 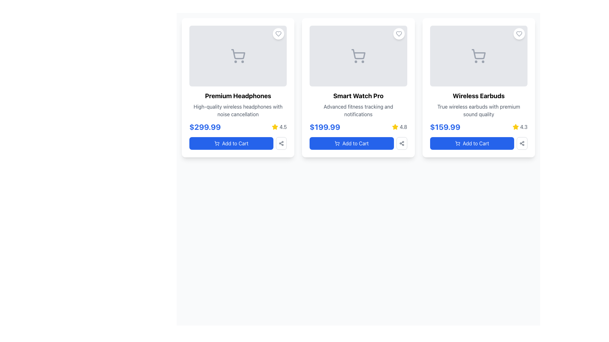 I want to click on the visual depiction of the shopping cart icon located within the product card for 'Premium Headphones', which is the main part of the icon surrounded by circular elements representing wheels, so click(x=217, y=143).